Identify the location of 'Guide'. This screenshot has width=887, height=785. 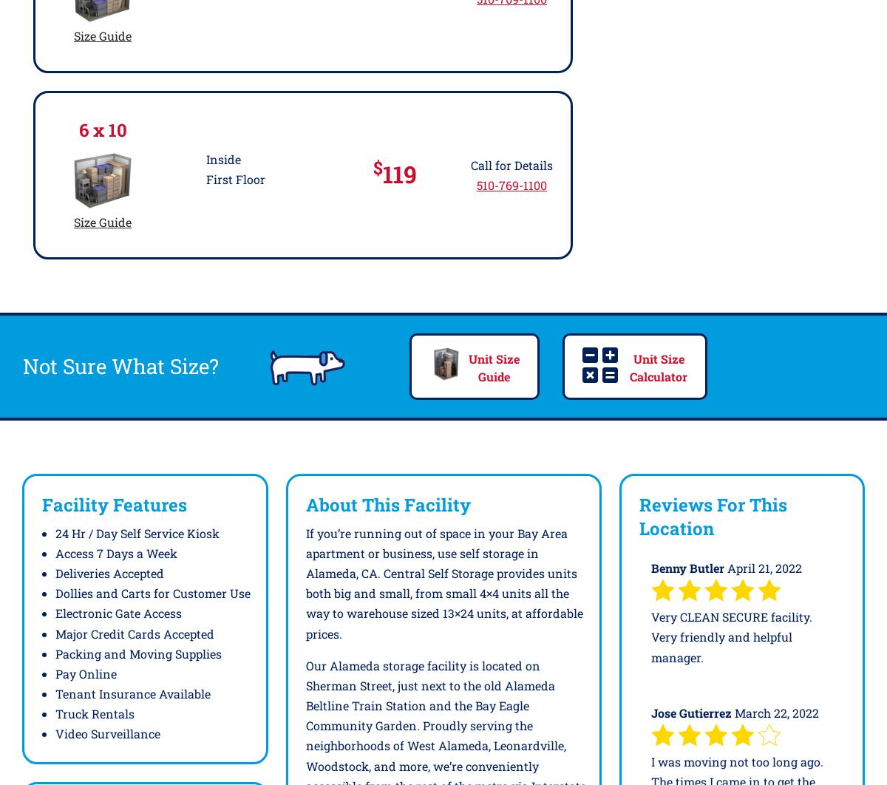
(494, 375).